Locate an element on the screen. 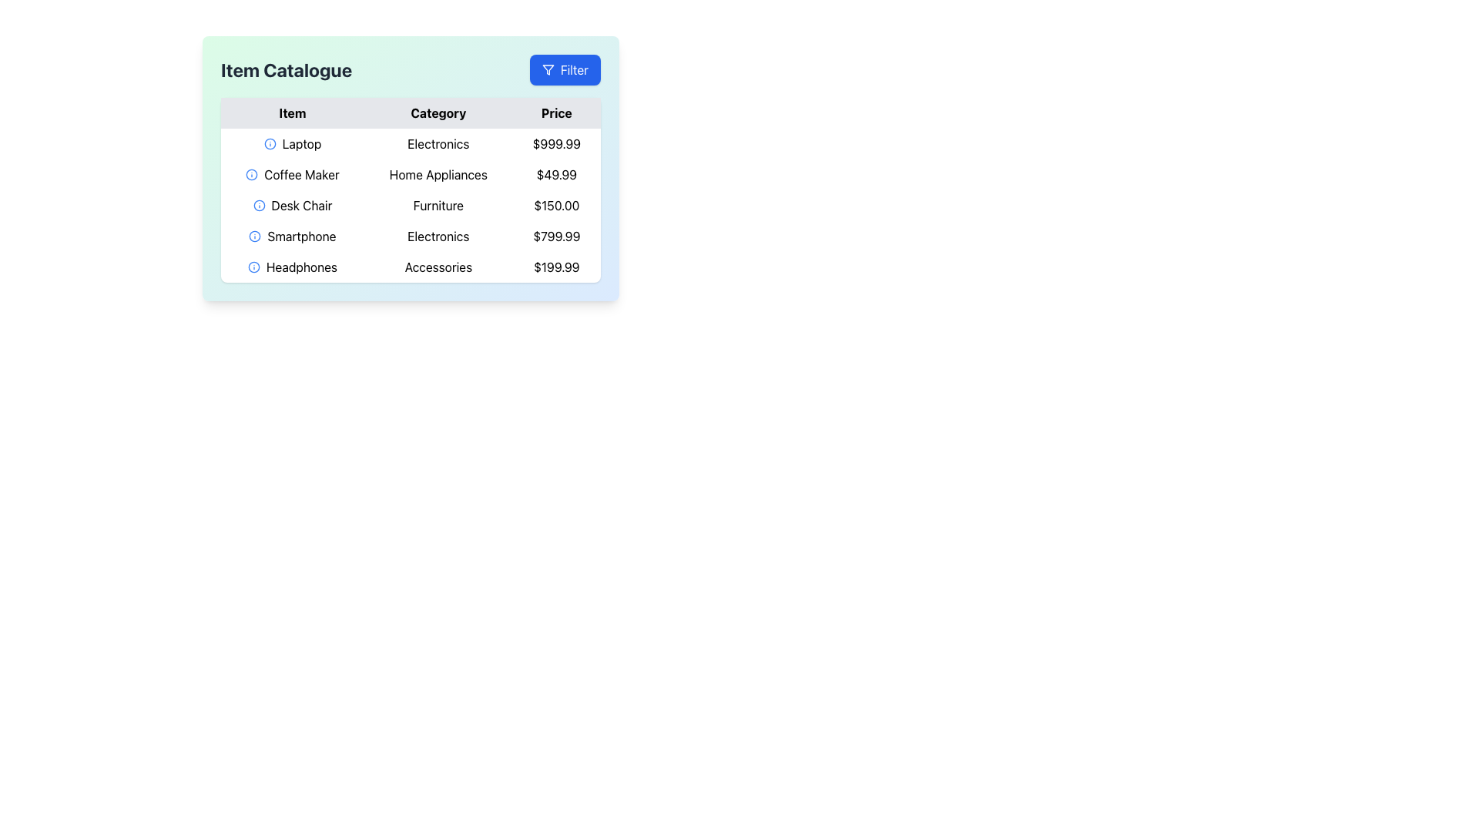 The height and width of the screenshot is (832, 1479). the SVG Circle of the 'info' icon located in the second row of the table, aligned with the text 'Coffee Maker' is located at coordinates (252, 174).